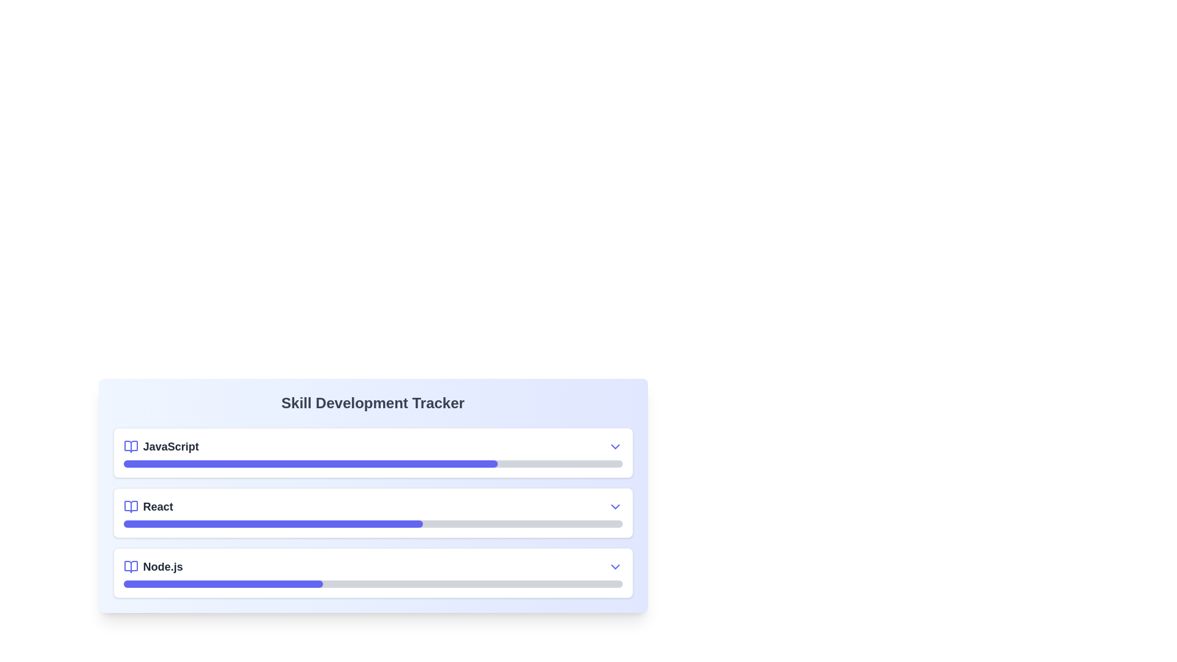 The width and height of the screenshot is (1177, 662). What do you see at coordinates (272, 524) in the screenshot?
I see `the filled portion of the progress bar located in the 'React' section of the skill tracker to interact with it` at bounding box center [272, 524].